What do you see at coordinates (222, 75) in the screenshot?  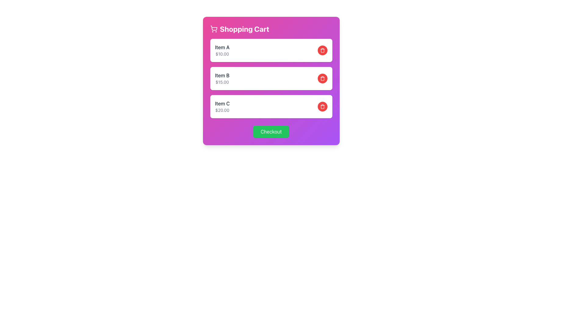 I see `the text label 'Item B' displayed in the shopping cart interface, which is the upper text of the second item in the list` at bounding box center [222, 75].